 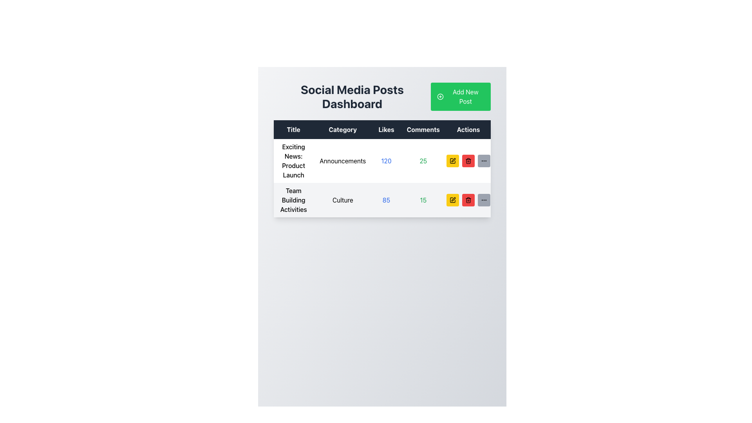 What do you see at coordinates (453, 199) in the screenshot?
I see `the leftmost shape of the 'edit' icon in the 'Actions' section that enhances the pen-like symbol, indicating editing capability` at bounding box center [453, 199].